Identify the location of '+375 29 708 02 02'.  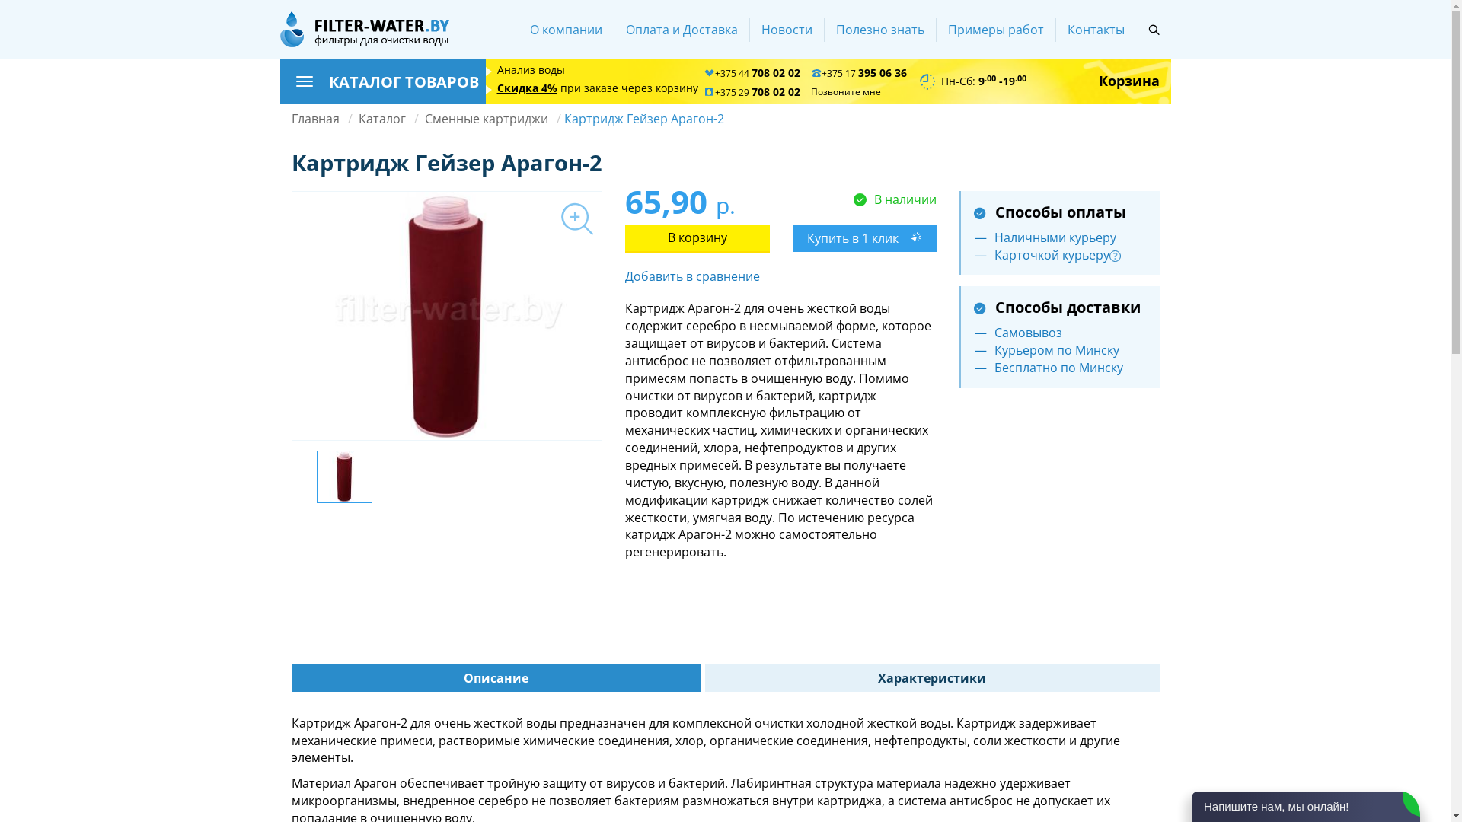
(752, 92).